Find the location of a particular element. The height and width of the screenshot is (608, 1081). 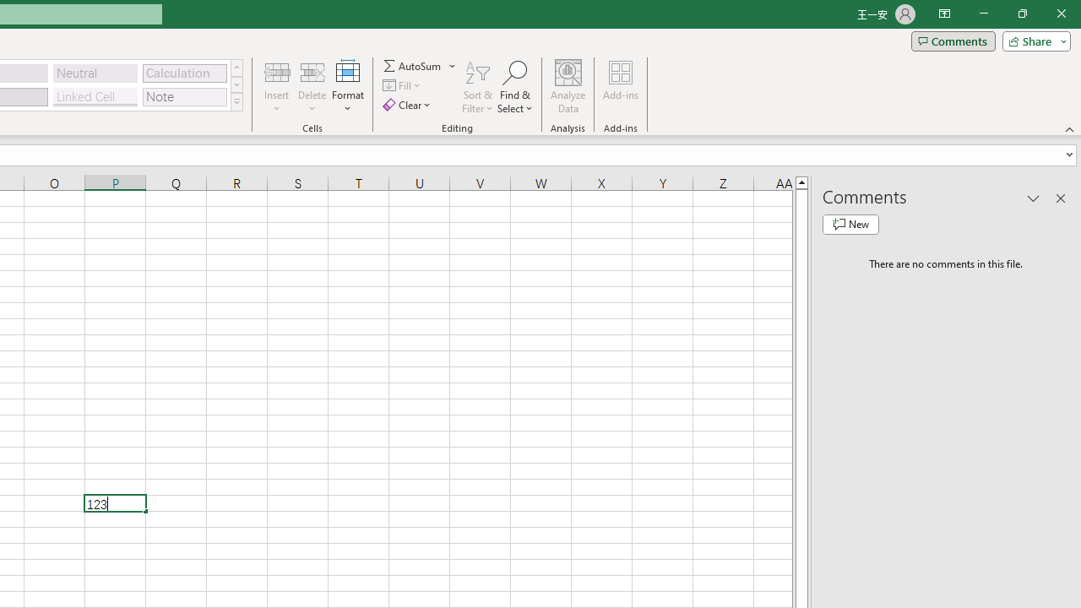

'Sort & Filter' is located at coordinates (477, 87).